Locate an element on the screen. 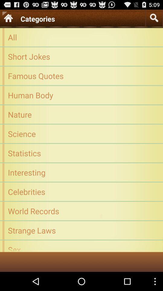  short jokes icon is located at coordinates (81, 56).